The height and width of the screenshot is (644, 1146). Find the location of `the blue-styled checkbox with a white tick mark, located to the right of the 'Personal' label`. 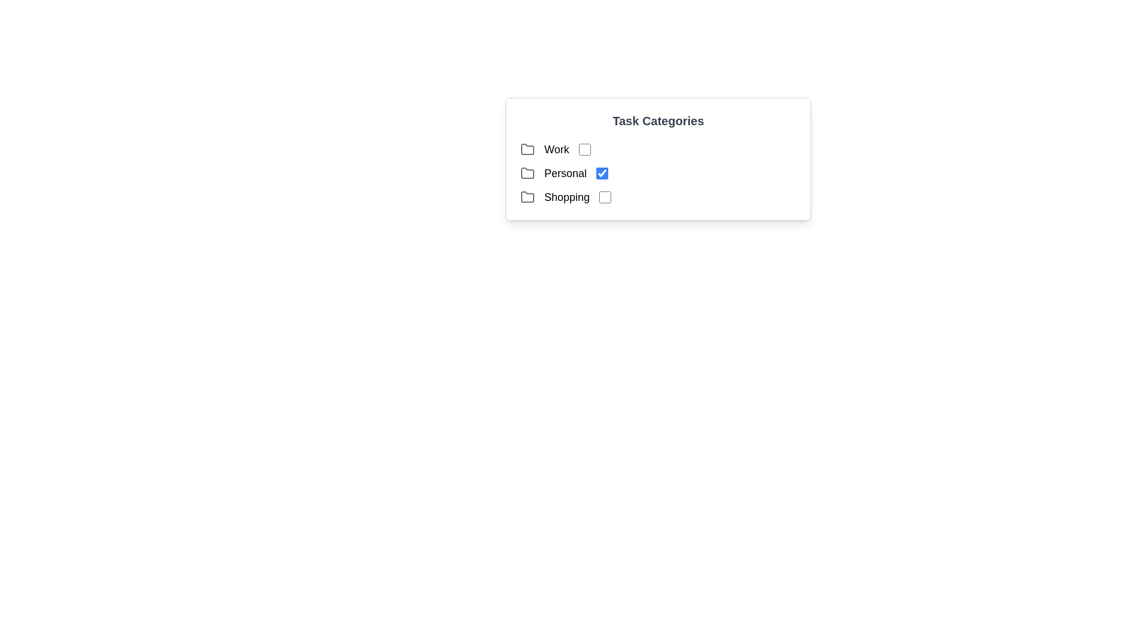

the blue-styled checkbox with a white tick mark, located to the right of the 'Personal' label is located at coordinates (602, 173).